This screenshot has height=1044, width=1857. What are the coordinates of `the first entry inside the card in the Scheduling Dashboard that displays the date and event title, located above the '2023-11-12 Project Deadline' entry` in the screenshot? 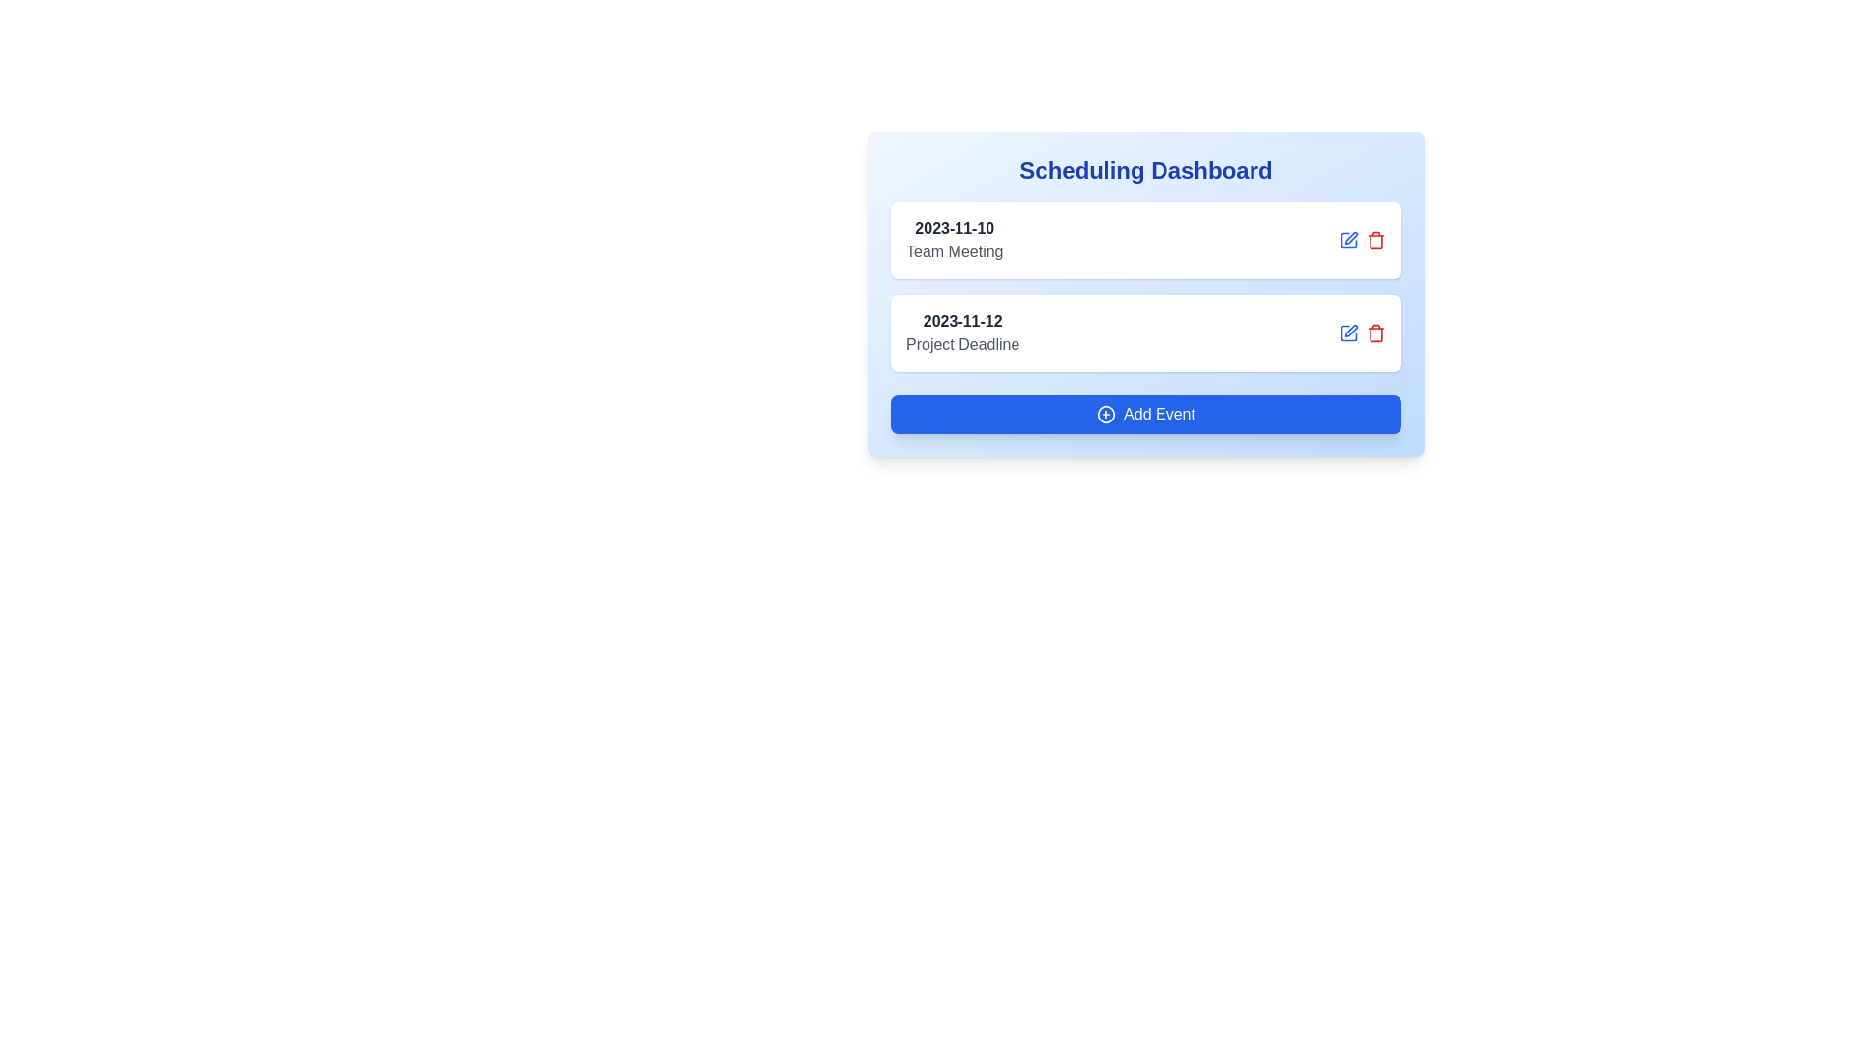 It's located at (955, 240).